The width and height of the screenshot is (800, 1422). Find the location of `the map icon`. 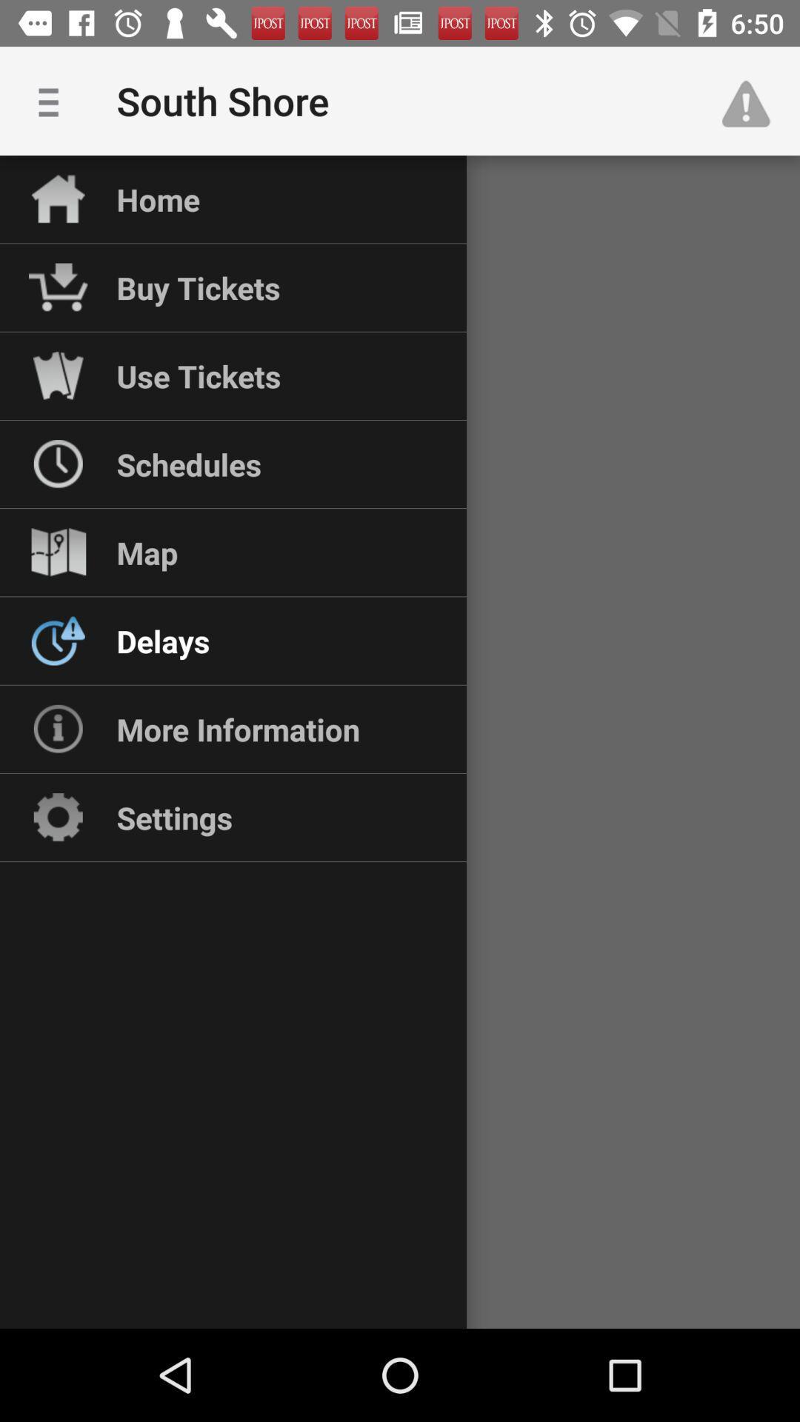

the map icon is located at coordinates (147, 552).